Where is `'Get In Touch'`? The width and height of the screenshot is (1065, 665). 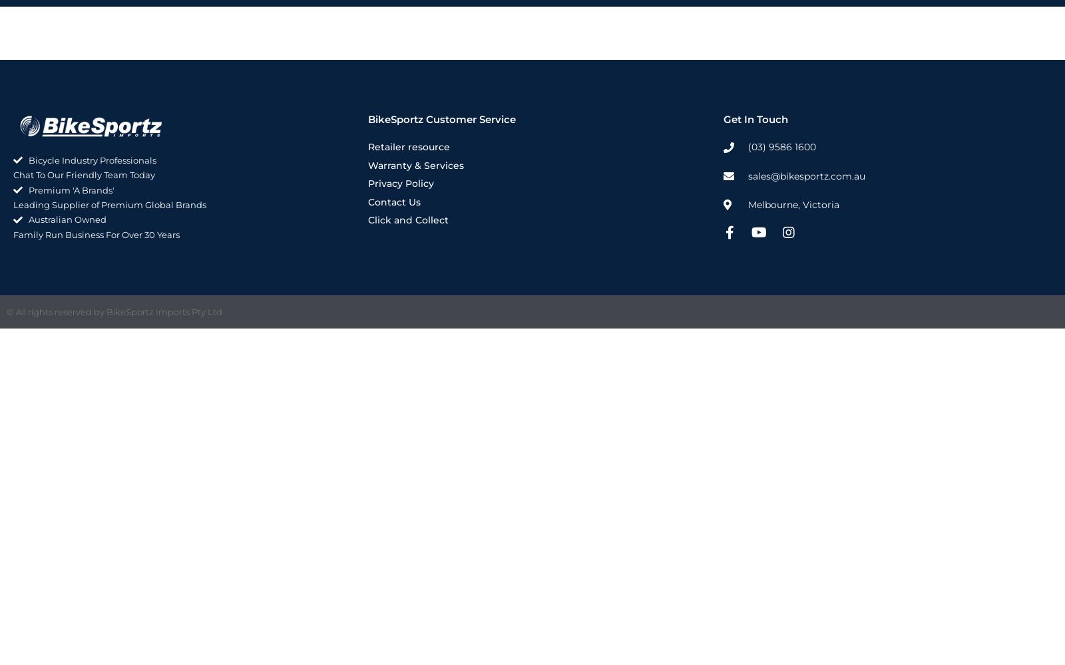
'Get In Touch' is located at coordinates (755, 119).